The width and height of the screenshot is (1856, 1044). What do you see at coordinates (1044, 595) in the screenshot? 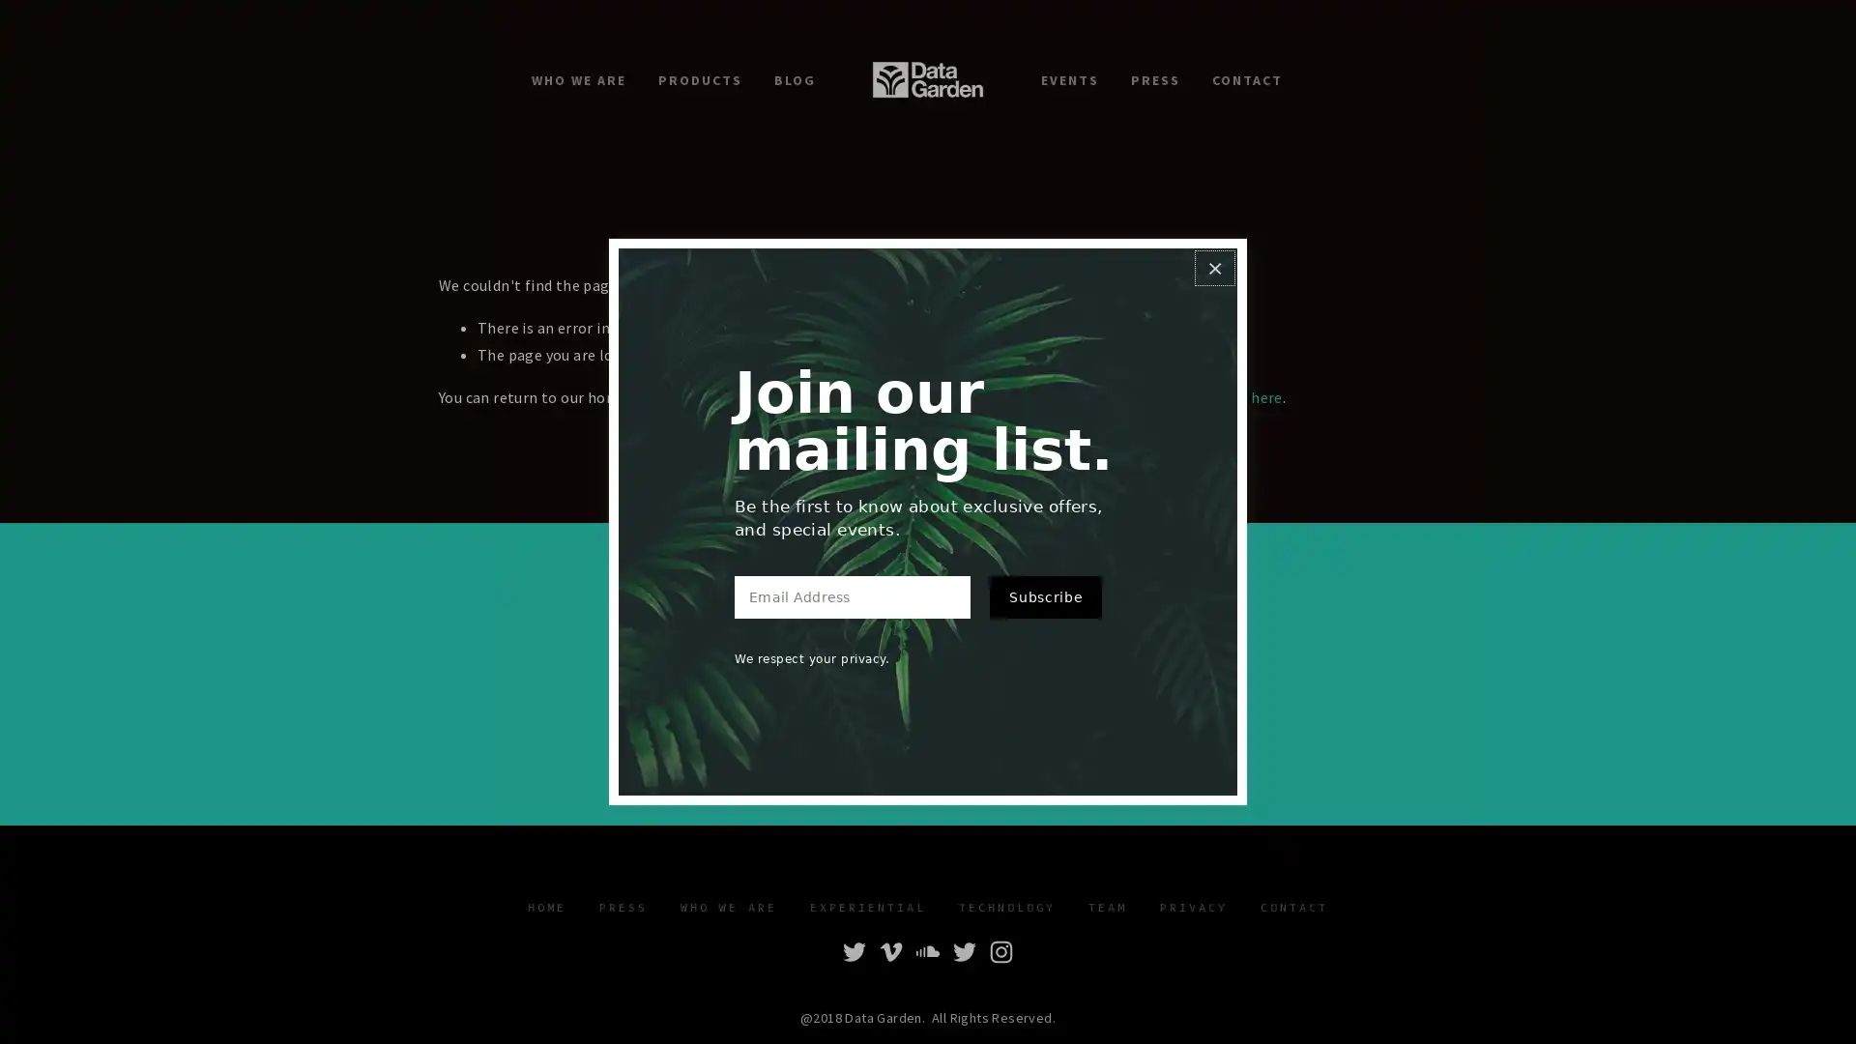
I see `Subscribe` at bounding box center [1044, 595].